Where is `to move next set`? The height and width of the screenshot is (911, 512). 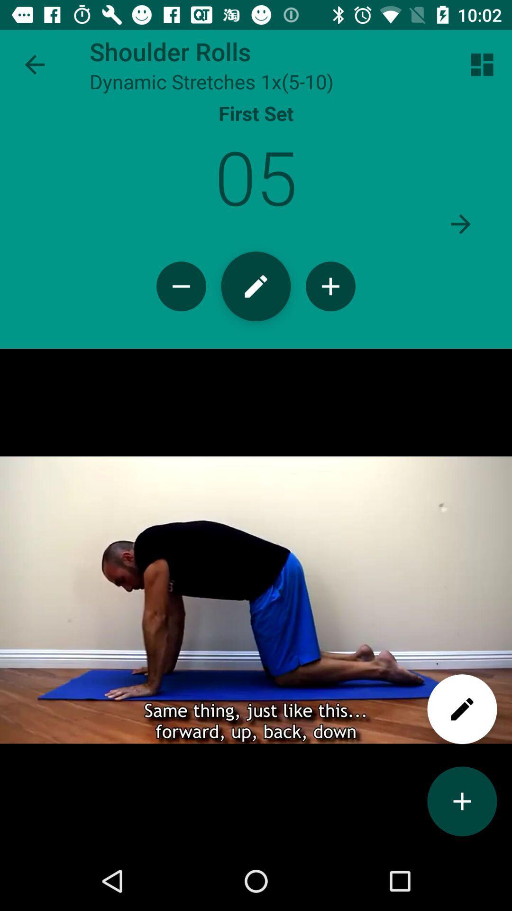 to move next set is located at coordinates (460, 223).